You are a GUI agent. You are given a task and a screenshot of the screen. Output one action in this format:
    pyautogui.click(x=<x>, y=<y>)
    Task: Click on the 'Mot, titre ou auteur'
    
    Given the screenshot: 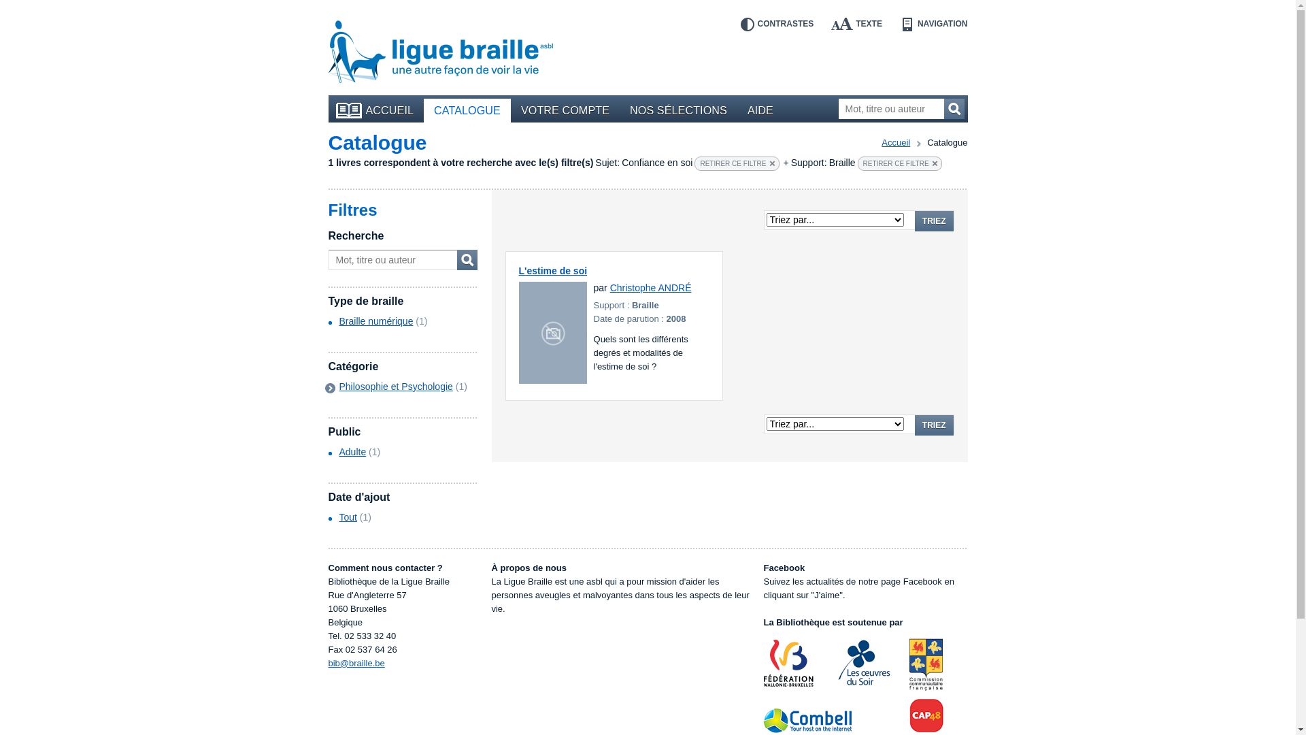 What is the action you would take?
    pyautogui.click(x=901, y=108)
    